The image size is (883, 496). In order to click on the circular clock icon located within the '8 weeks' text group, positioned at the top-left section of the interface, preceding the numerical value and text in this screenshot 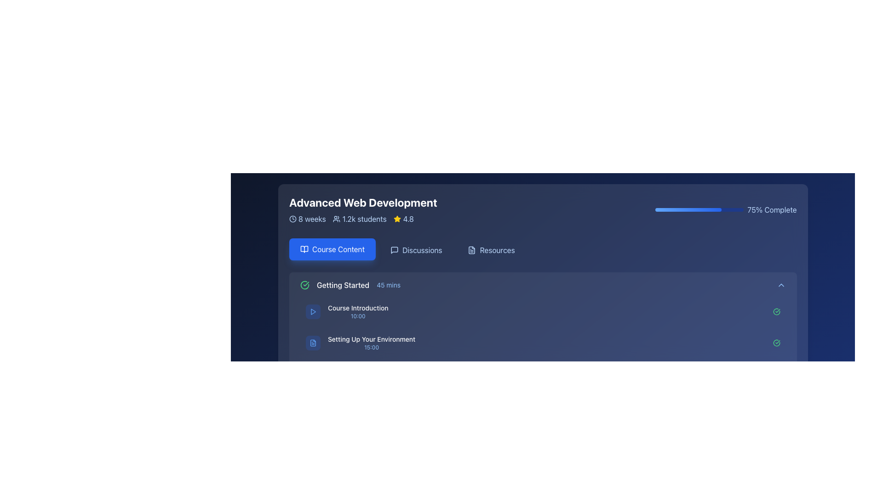, I will do `click(292, 219)`.